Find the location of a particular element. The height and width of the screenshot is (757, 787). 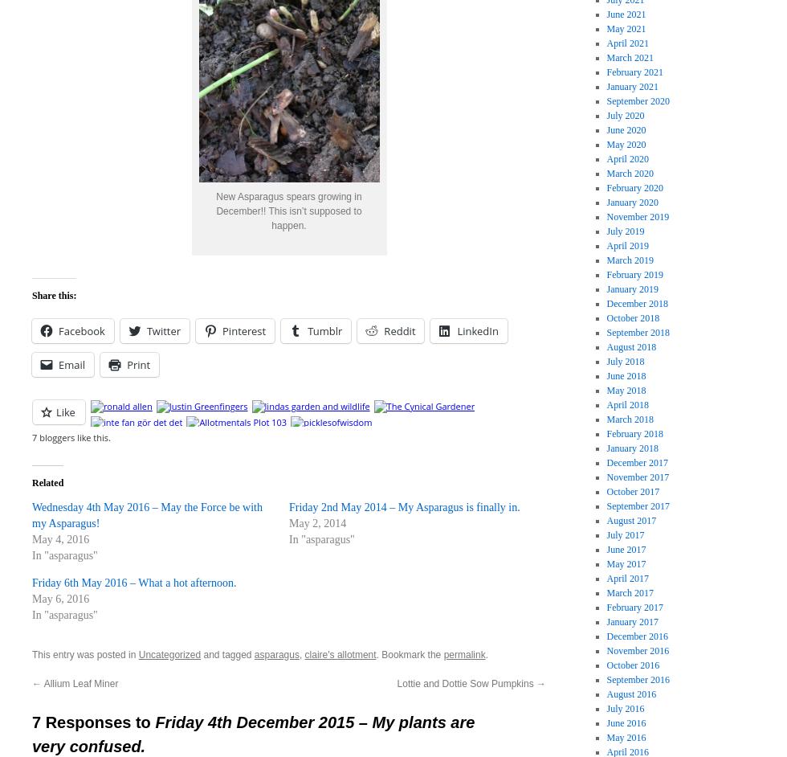

'Lottie and Dottie Sow Pumpkins' is located at coordinates (467, 682).